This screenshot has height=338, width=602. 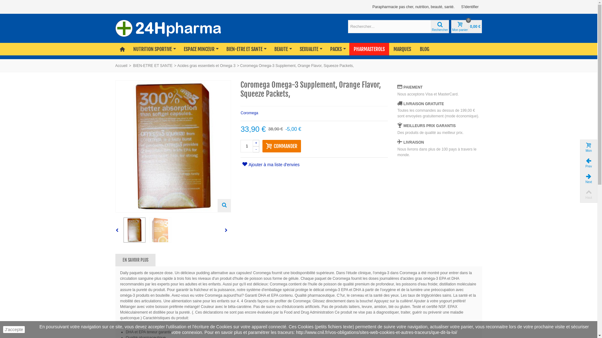 What do you see at coordinates (3, 329) in the screenshot?
I see `'J'accepte'` at bounding box center [3, 329].